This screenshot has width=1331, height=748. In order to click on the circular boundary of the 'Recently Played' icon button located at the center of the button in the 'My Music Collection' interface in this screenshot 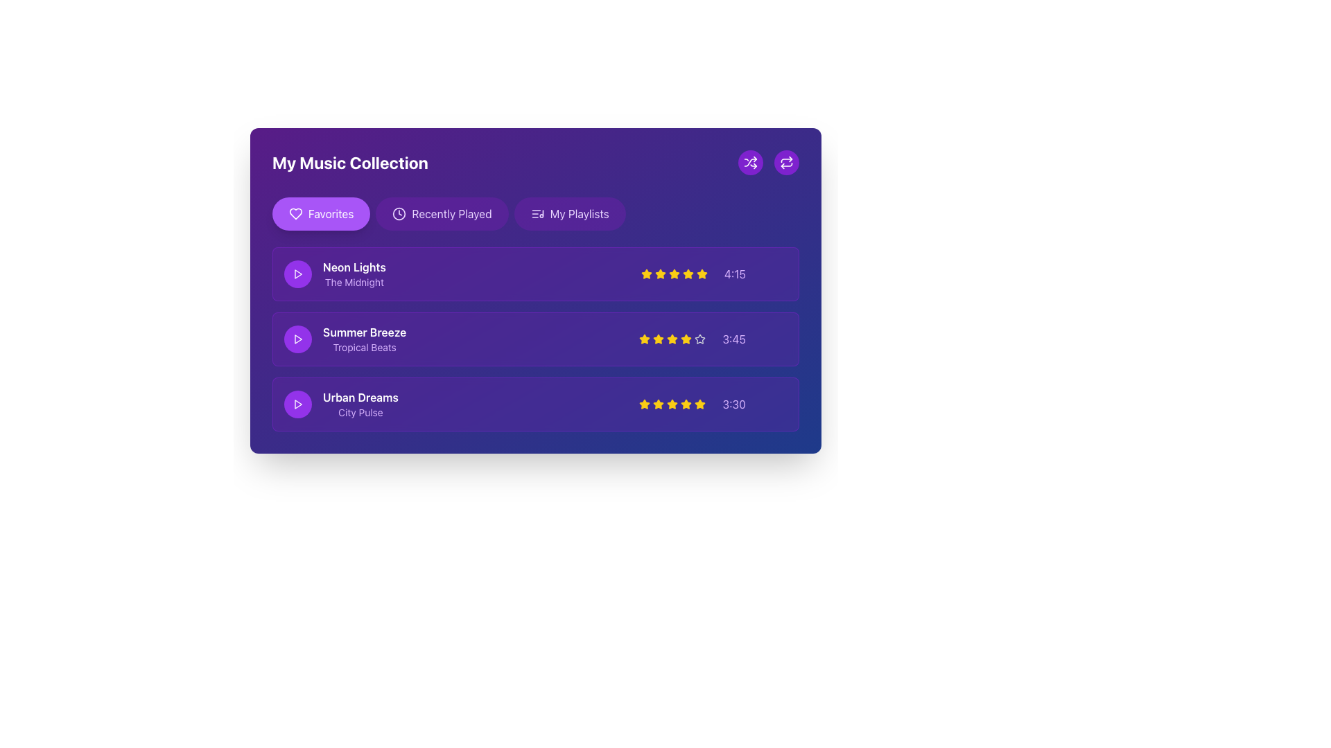, I will do `click(399, 213)`.